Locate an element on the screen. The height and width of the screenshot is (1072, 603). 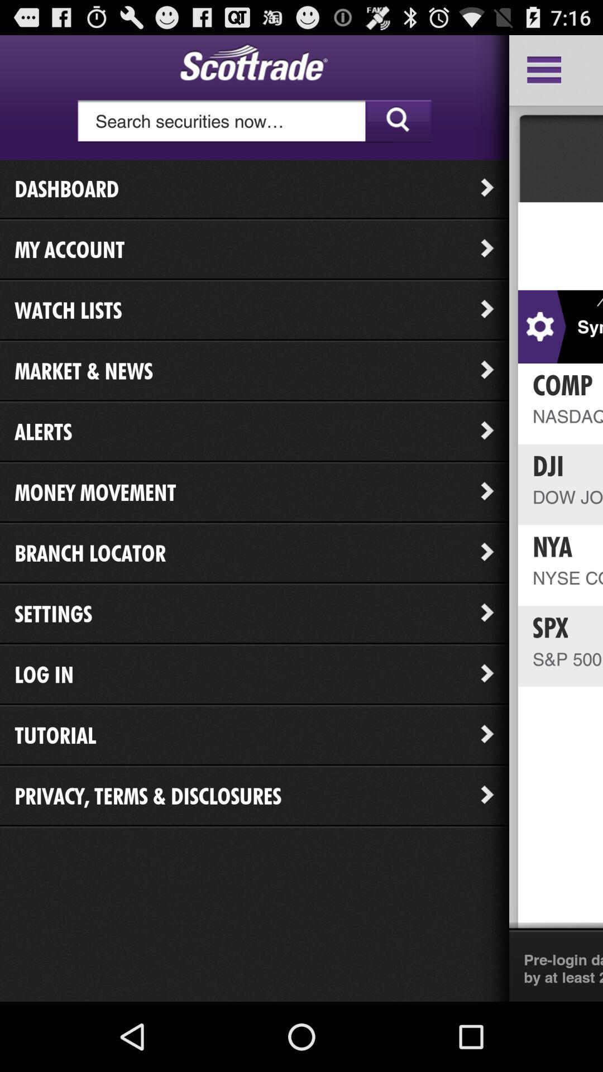
search securities is located at coordinates (254, 121).